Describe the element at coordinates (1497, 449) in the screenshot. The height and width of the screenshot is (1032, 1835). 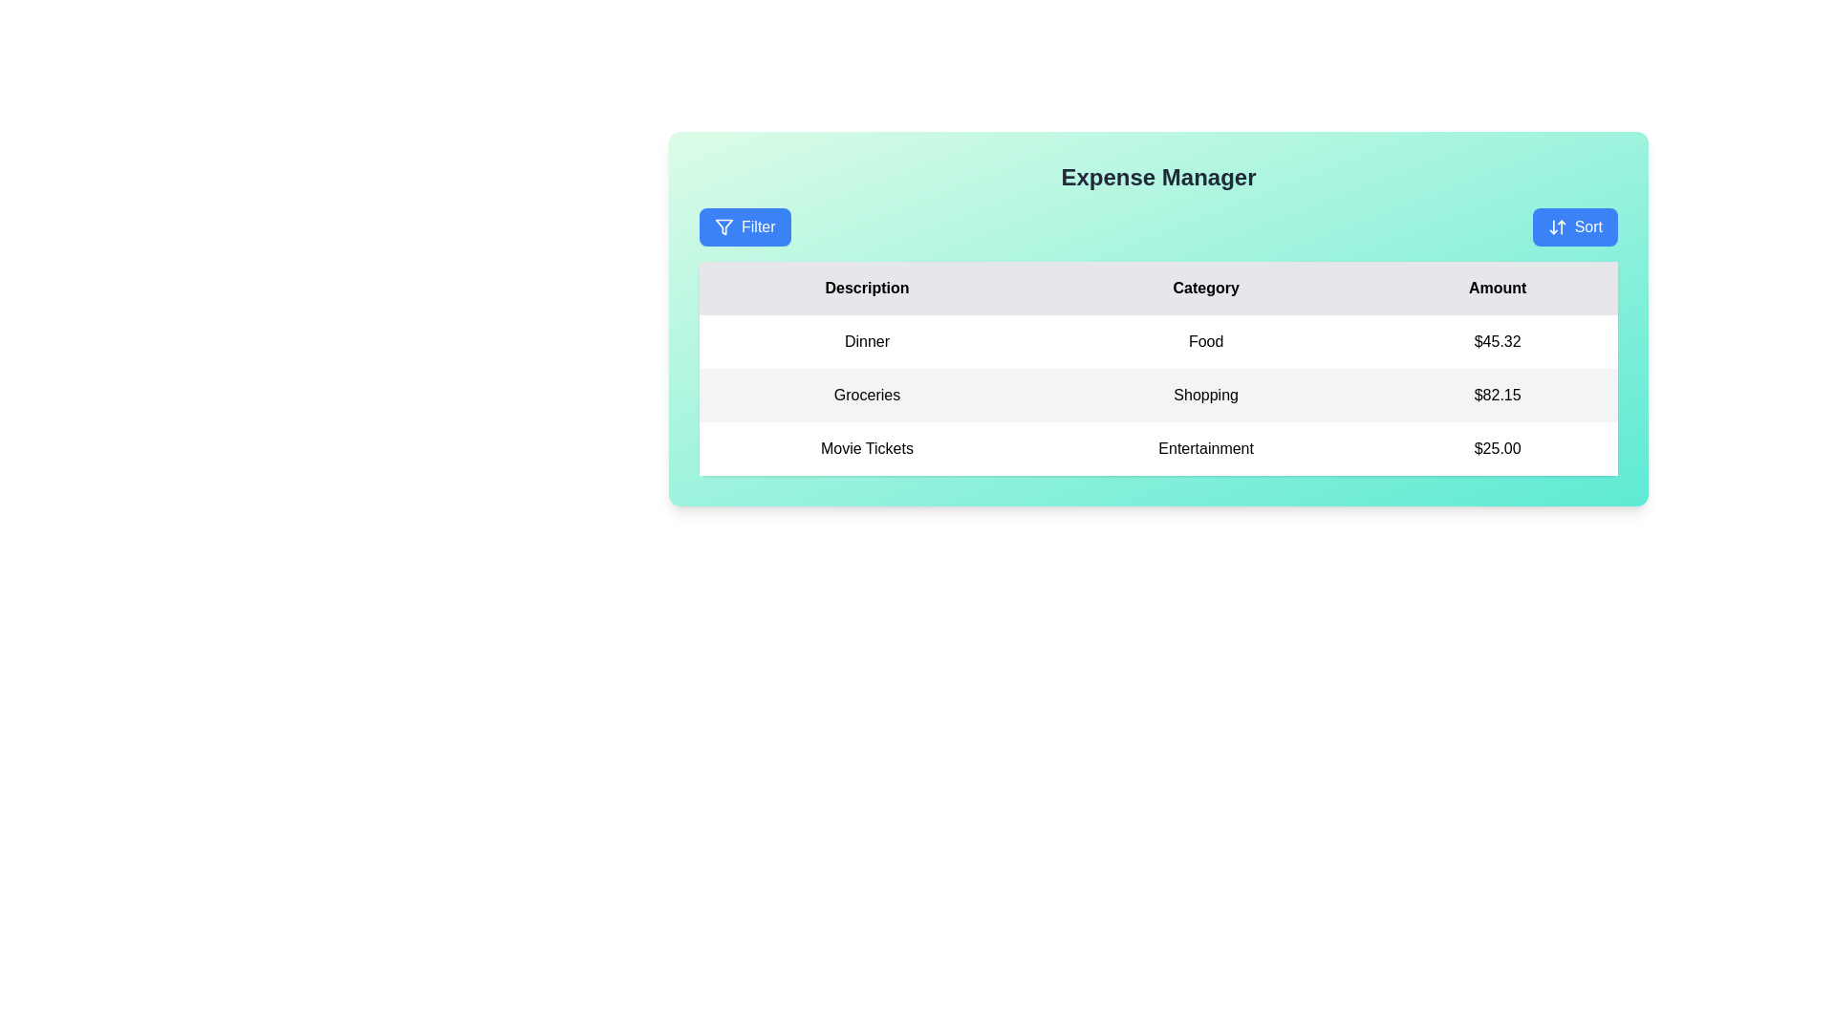
I see `the text label displaying the monetary value of $25.00 in the 'Amount' column for 'Movie Tickets' in the 'Entertainment' category` at that location.